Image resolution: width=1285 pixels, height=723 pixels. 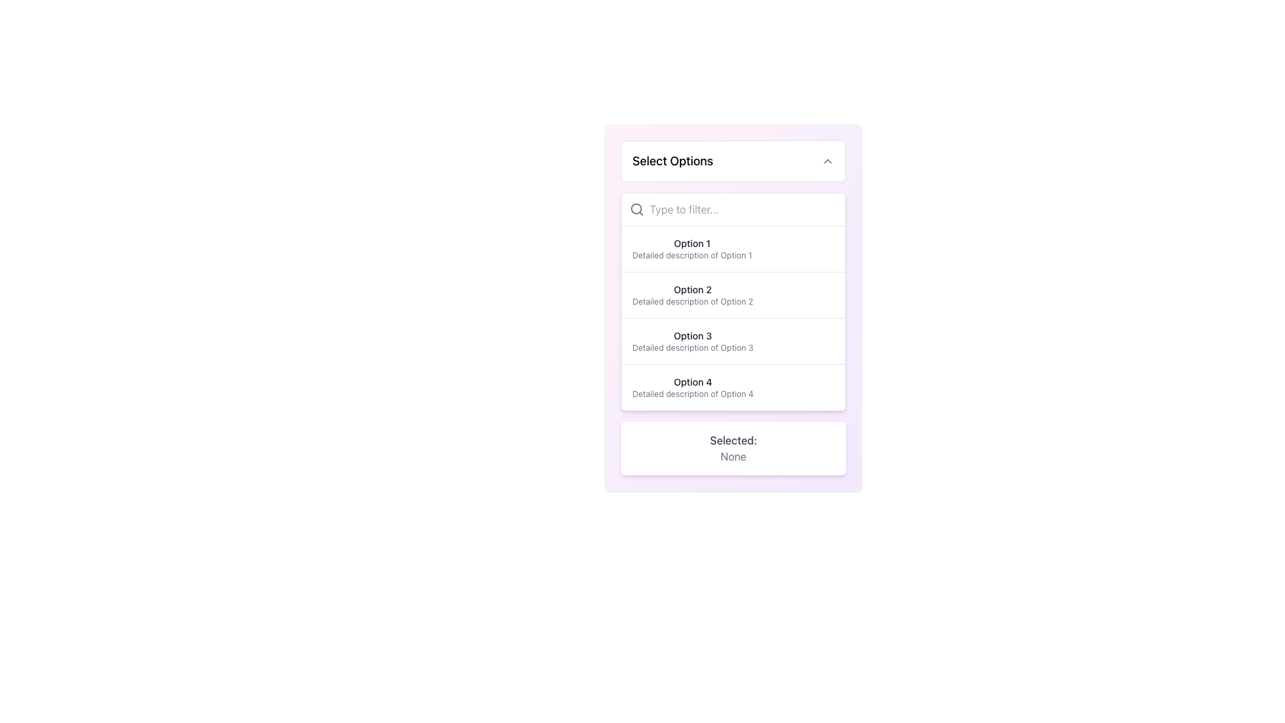 I want to click on the first selectable option in the list, labeled 'Option 1', so click(x=732, y=248).